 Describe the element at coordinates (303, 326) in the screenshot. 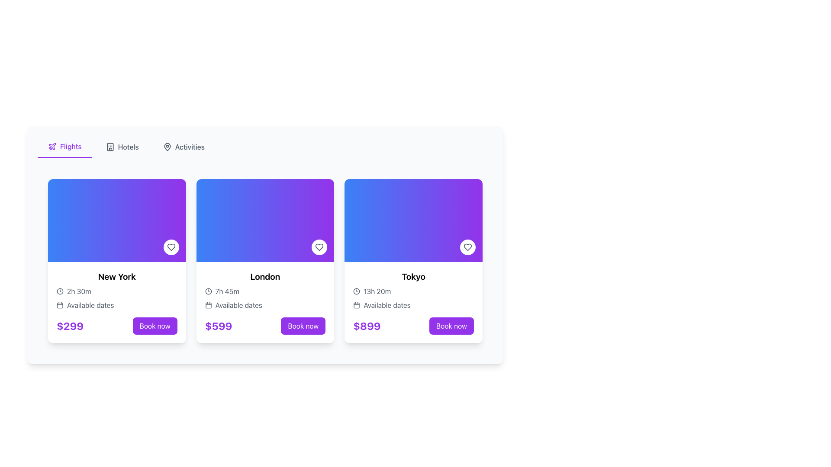

I see `the rounded rectangular button labeled 'Book now' located at the bottom right of the London trip card` at that location.